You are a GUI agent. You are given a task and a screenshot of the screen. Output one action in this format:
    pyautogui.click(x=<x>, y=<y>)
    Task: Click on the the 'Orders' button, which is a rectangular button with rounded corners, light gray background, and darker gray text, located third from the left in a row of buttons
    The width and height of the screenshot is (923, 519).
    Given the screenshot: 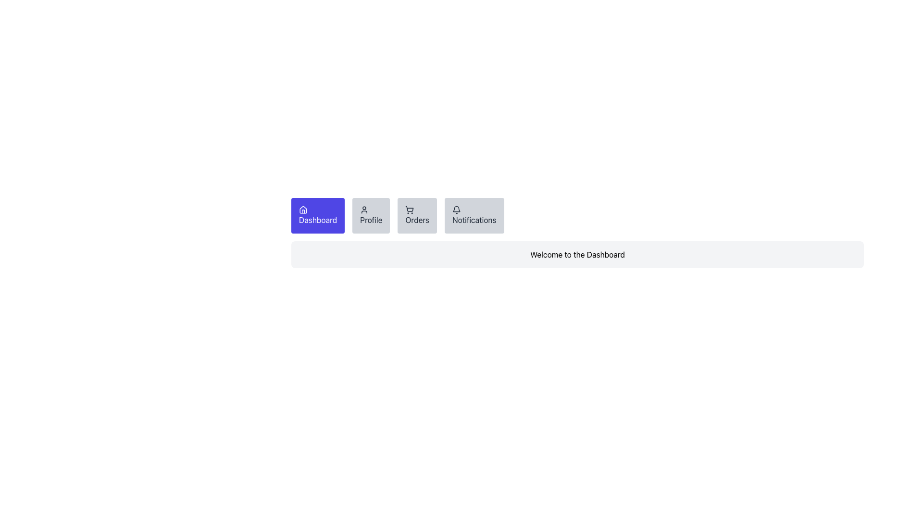 What is the action you would take?
    pyautogui.click(x=417, y=215)
    